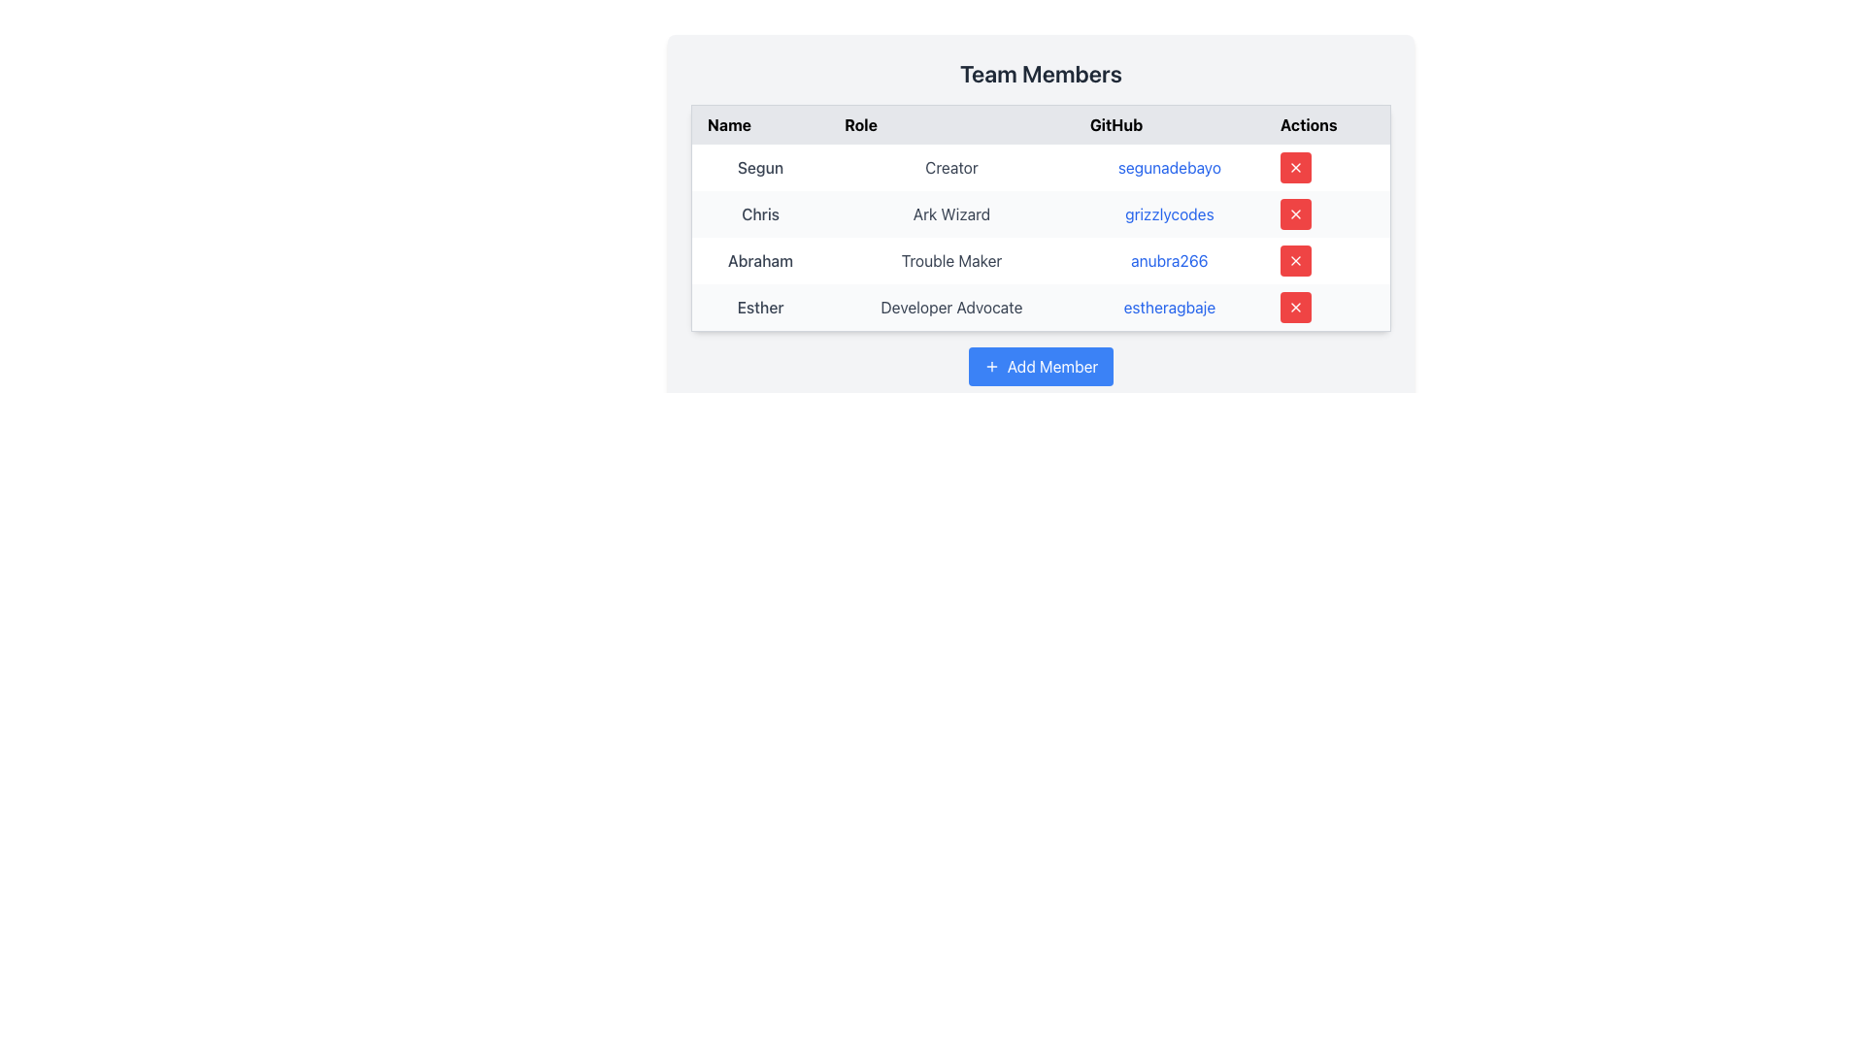  Describe the element at coordinates (1326, 307) in the screenshot. I see `the red delete button with a white 'X' symbol located in the 'Actions' column of the table for the user 'Esther', Developer Advocate` at that location.